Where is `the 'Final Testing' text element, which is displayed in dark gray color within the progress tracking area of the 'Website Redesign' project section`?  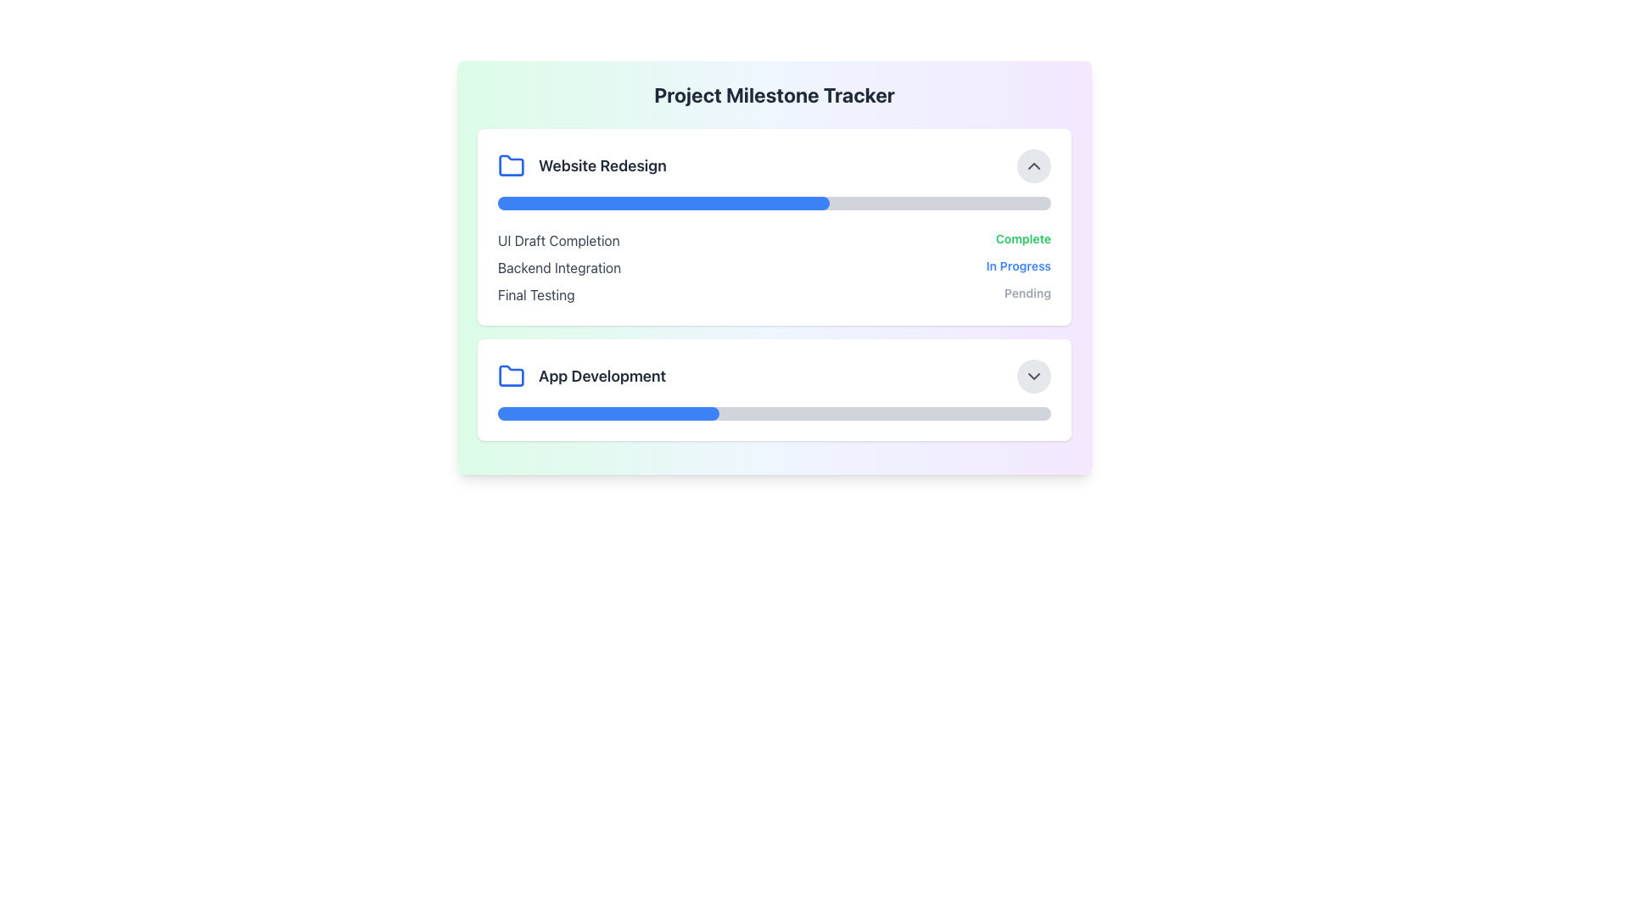
the 'Final Testing' text element, which is displayed in dark gray color within the progress tracking area of the 'Website Redesign' project section is located at coordinates (535, 293).